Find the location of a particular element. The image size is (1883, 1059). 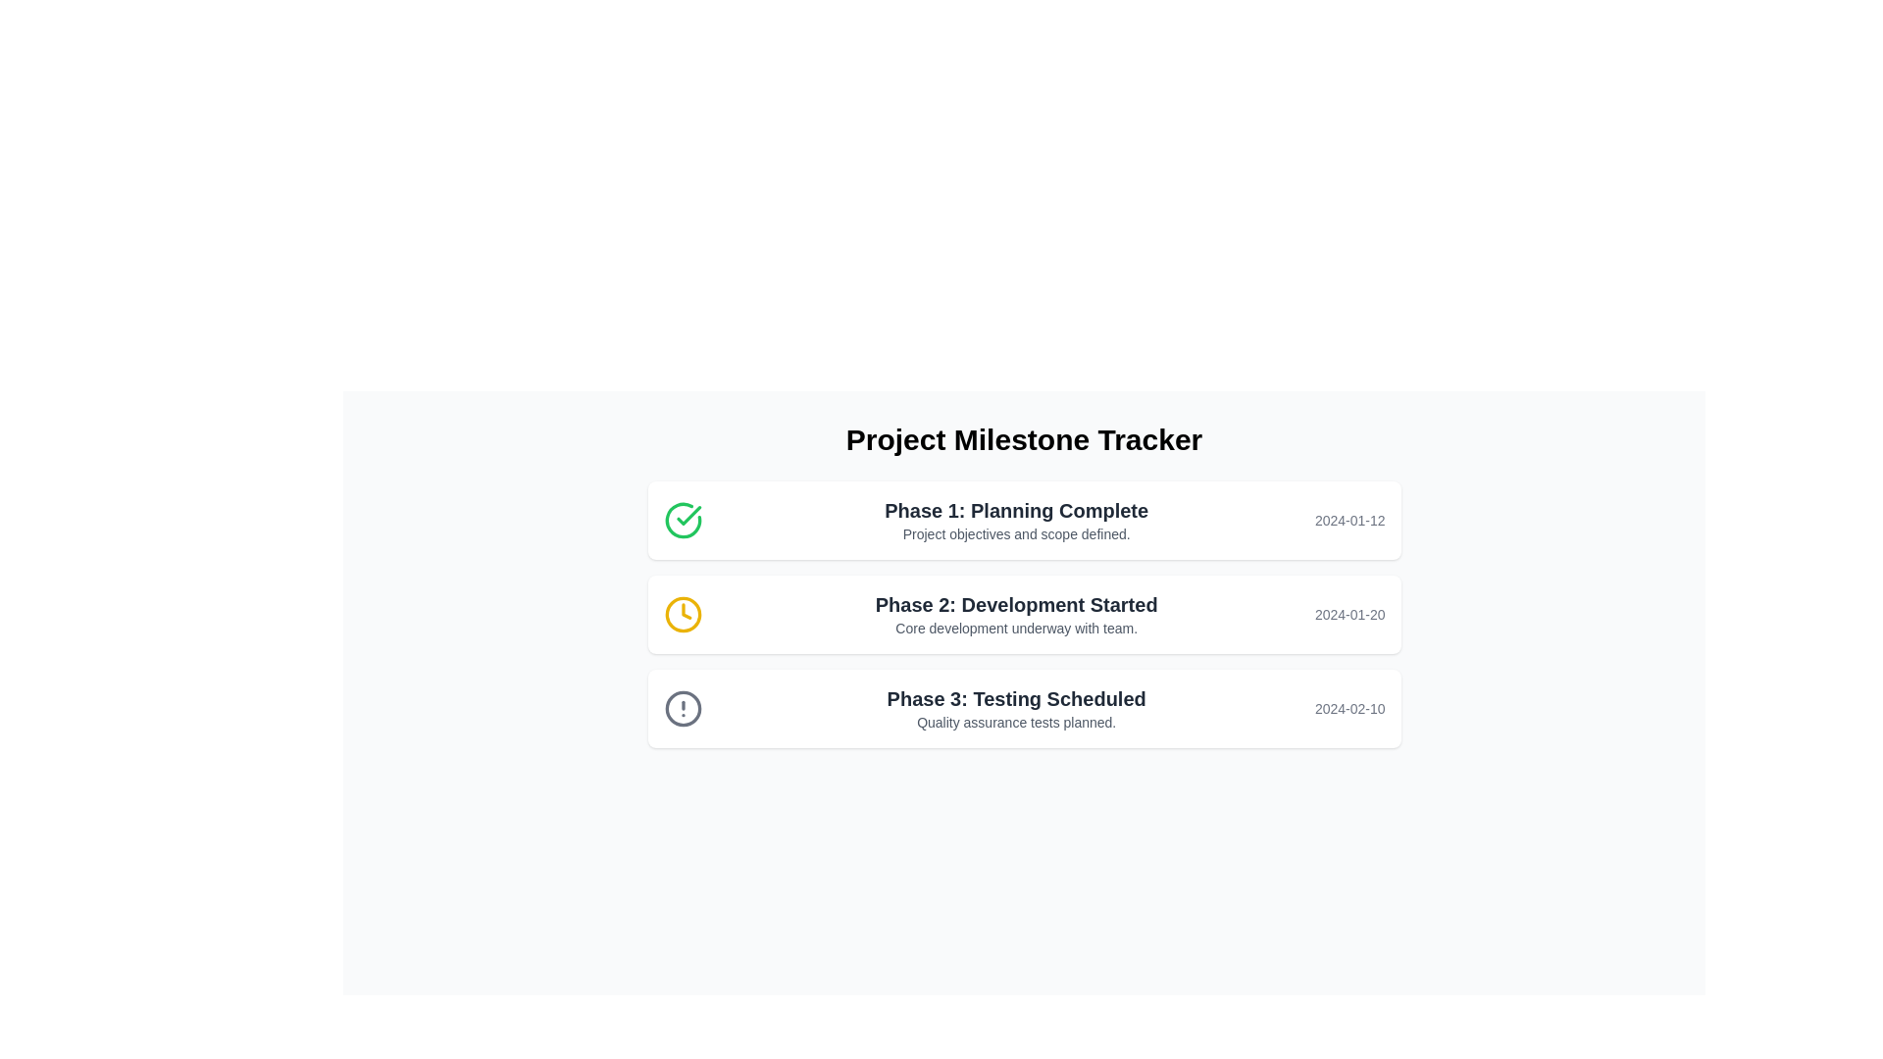

or highlight the yellow circle clock icon with a black outline is located at coordinates (683, 614).